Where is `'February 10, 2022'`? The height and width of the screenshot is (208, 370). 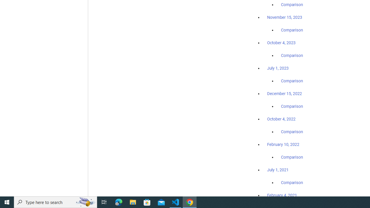 'February 10, 2022' is located at coordinates (283, 144).